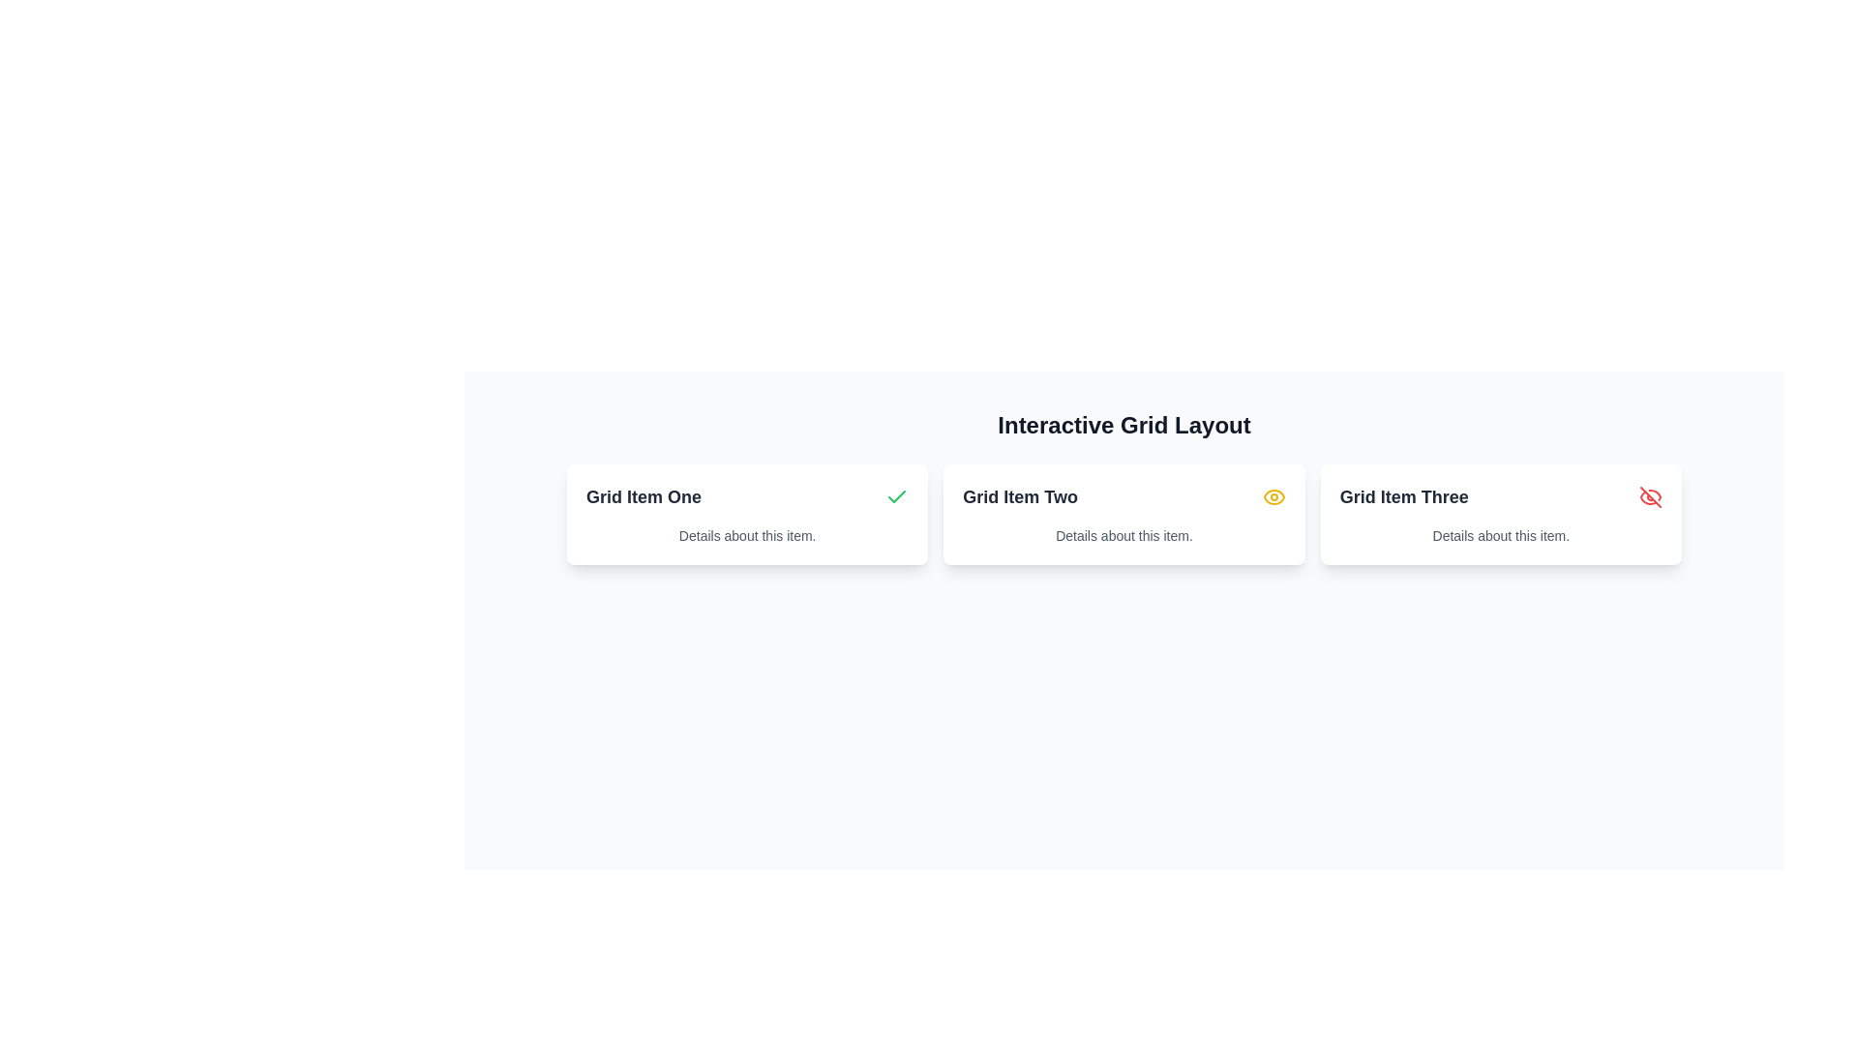 This screenshot has height=1045, width=1858. What do you see at coordinates (896, 495) in the screenshot?
I see `the status icon located in the top-right corner of 'Grid Item One' within the grid layout` at bounding box center [896, 495].